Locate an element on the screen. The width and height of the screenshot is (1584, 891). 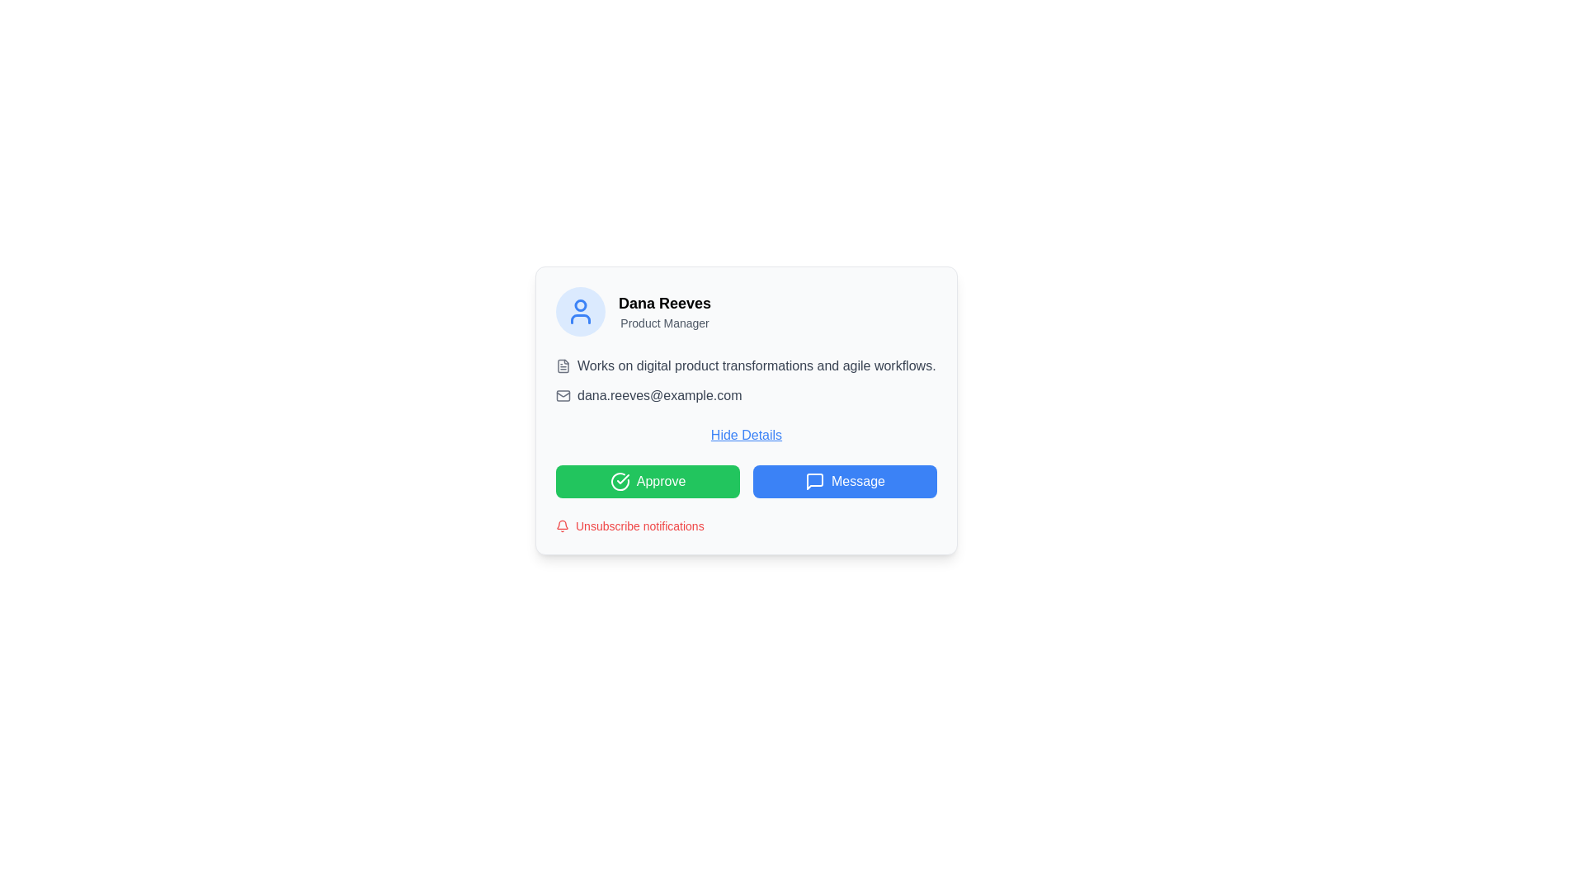
the chat bubble-shaped icon, which is a minimalistic line drawing positioned to the left of the 'Message' button at the bottom right of the card component is located at coordinates (815, 481).